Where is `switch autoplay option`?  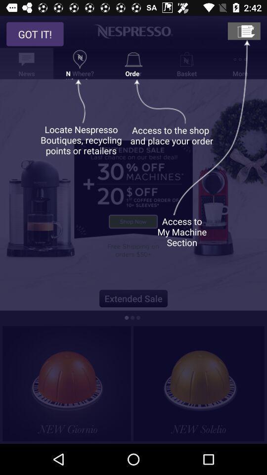 switch autoplay option is located at coordinates (199, 383).